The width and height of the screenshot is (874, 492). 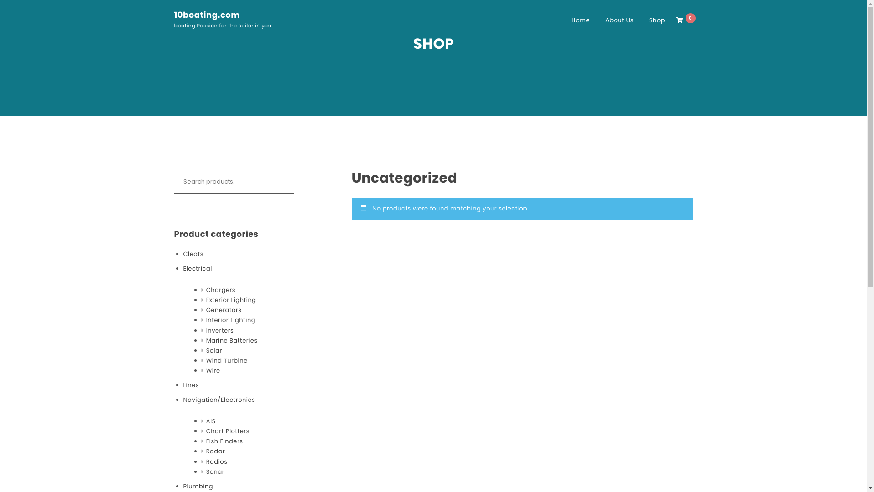 What do you see at coordinates (215, 451) in the screenshot?
I see `'Radar'` at bounding box center [215, 451].